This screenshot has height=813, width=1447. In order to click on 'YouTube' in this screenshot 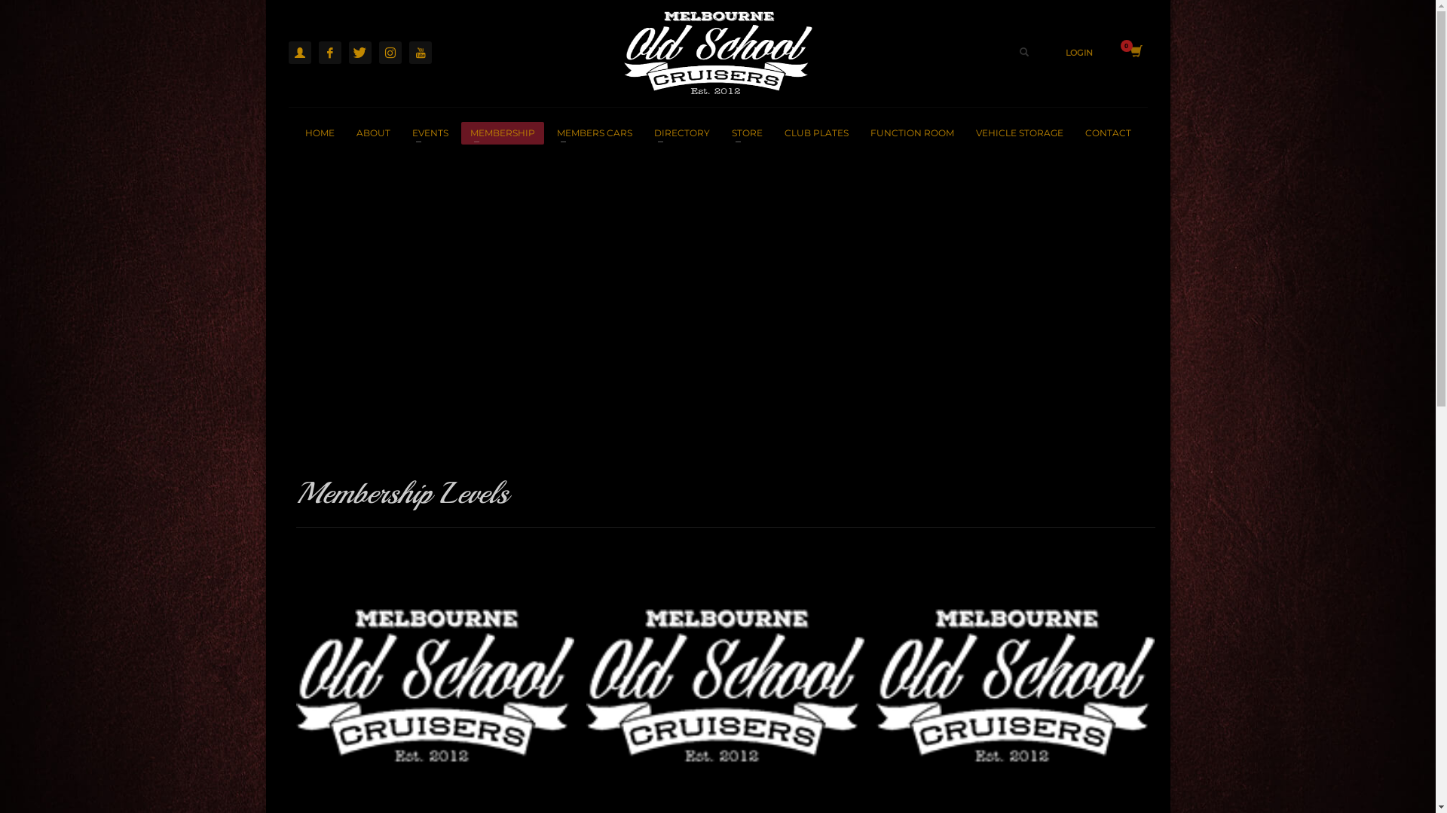, I will do `click(419, 51)`.